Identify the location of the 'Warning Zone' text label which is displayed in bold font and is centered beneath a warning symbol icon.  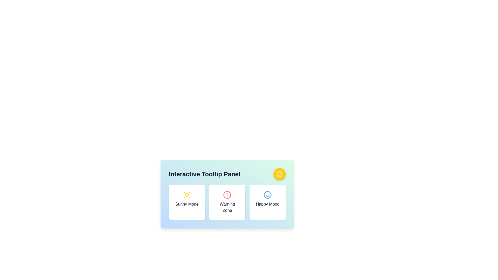
(227, 207).